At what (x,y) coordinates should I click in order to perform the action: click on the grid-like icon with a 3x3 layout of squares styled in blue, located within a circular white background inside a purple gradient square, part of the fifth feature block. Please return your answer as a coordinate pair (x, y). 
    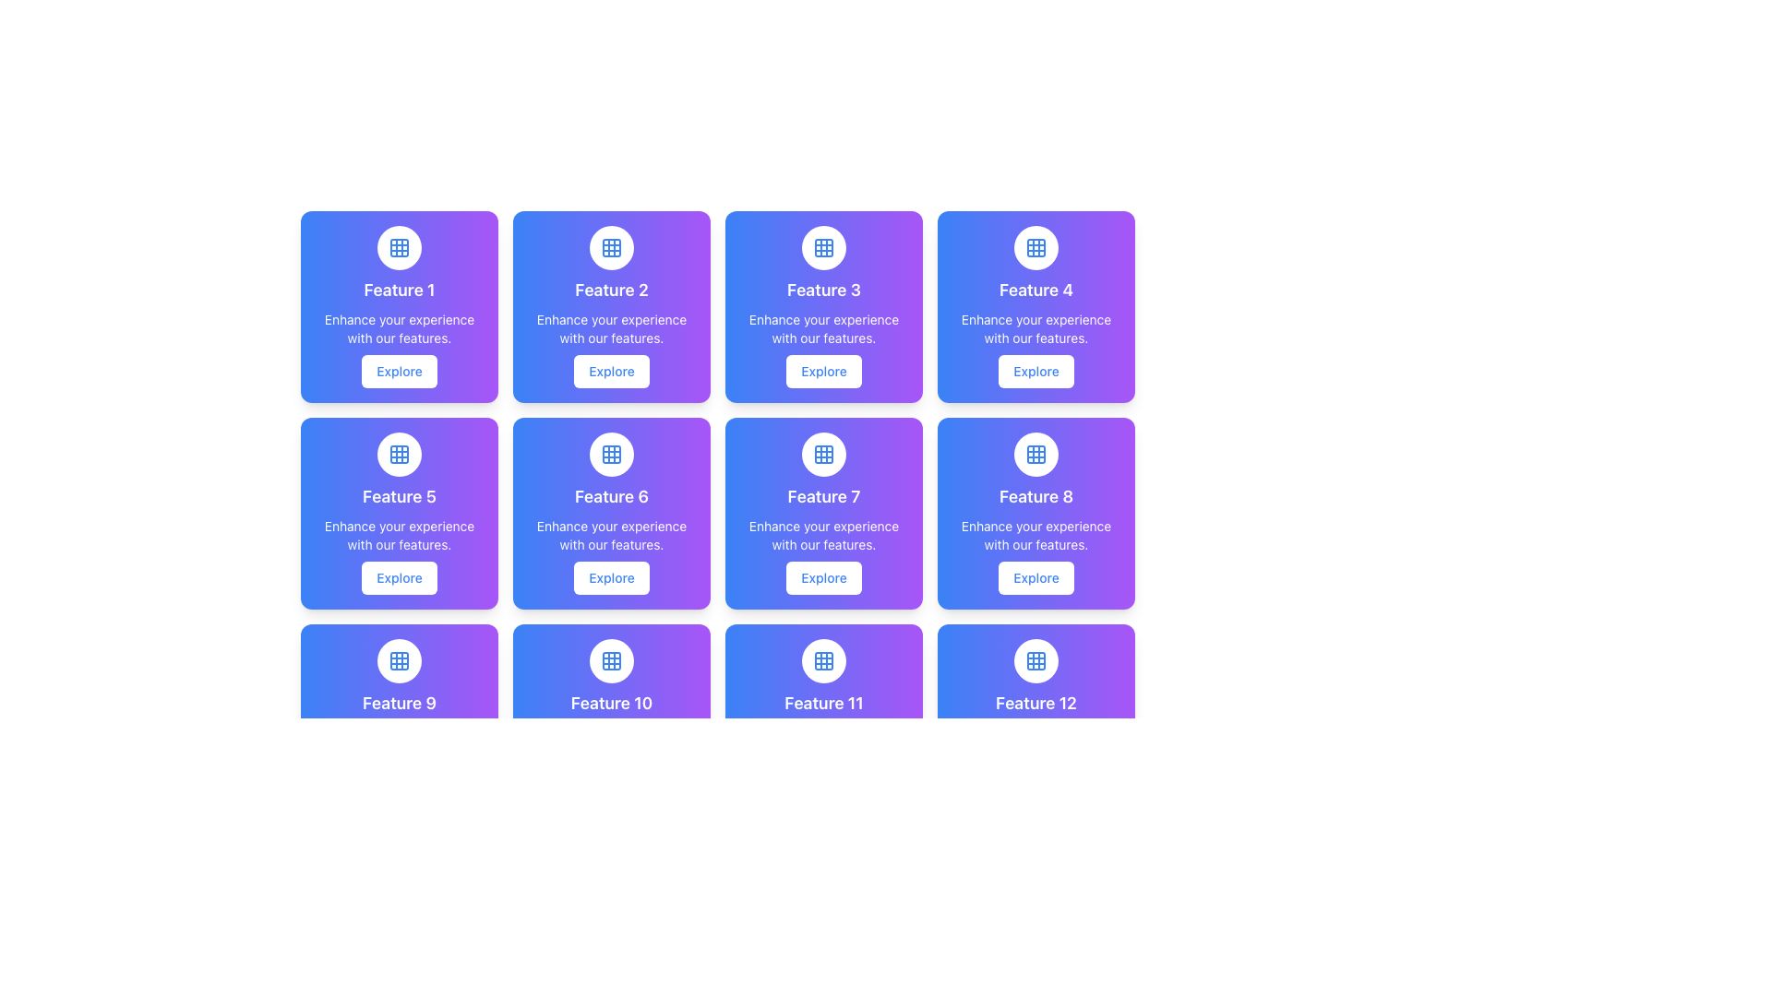
    Looking at the image, I should click on (398, 455).